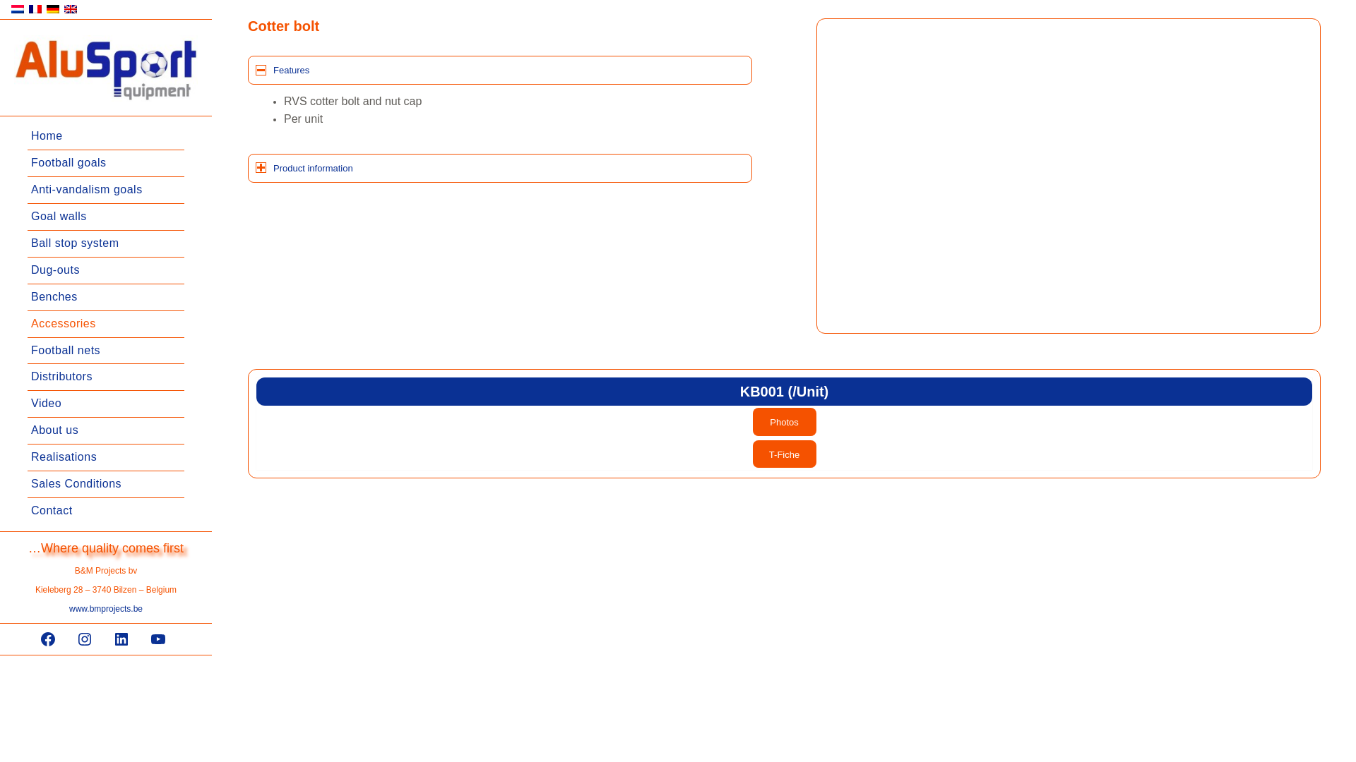  Describe the element at coordinates (105, 511) in the screenshot. I see `'Contact'` at that location.